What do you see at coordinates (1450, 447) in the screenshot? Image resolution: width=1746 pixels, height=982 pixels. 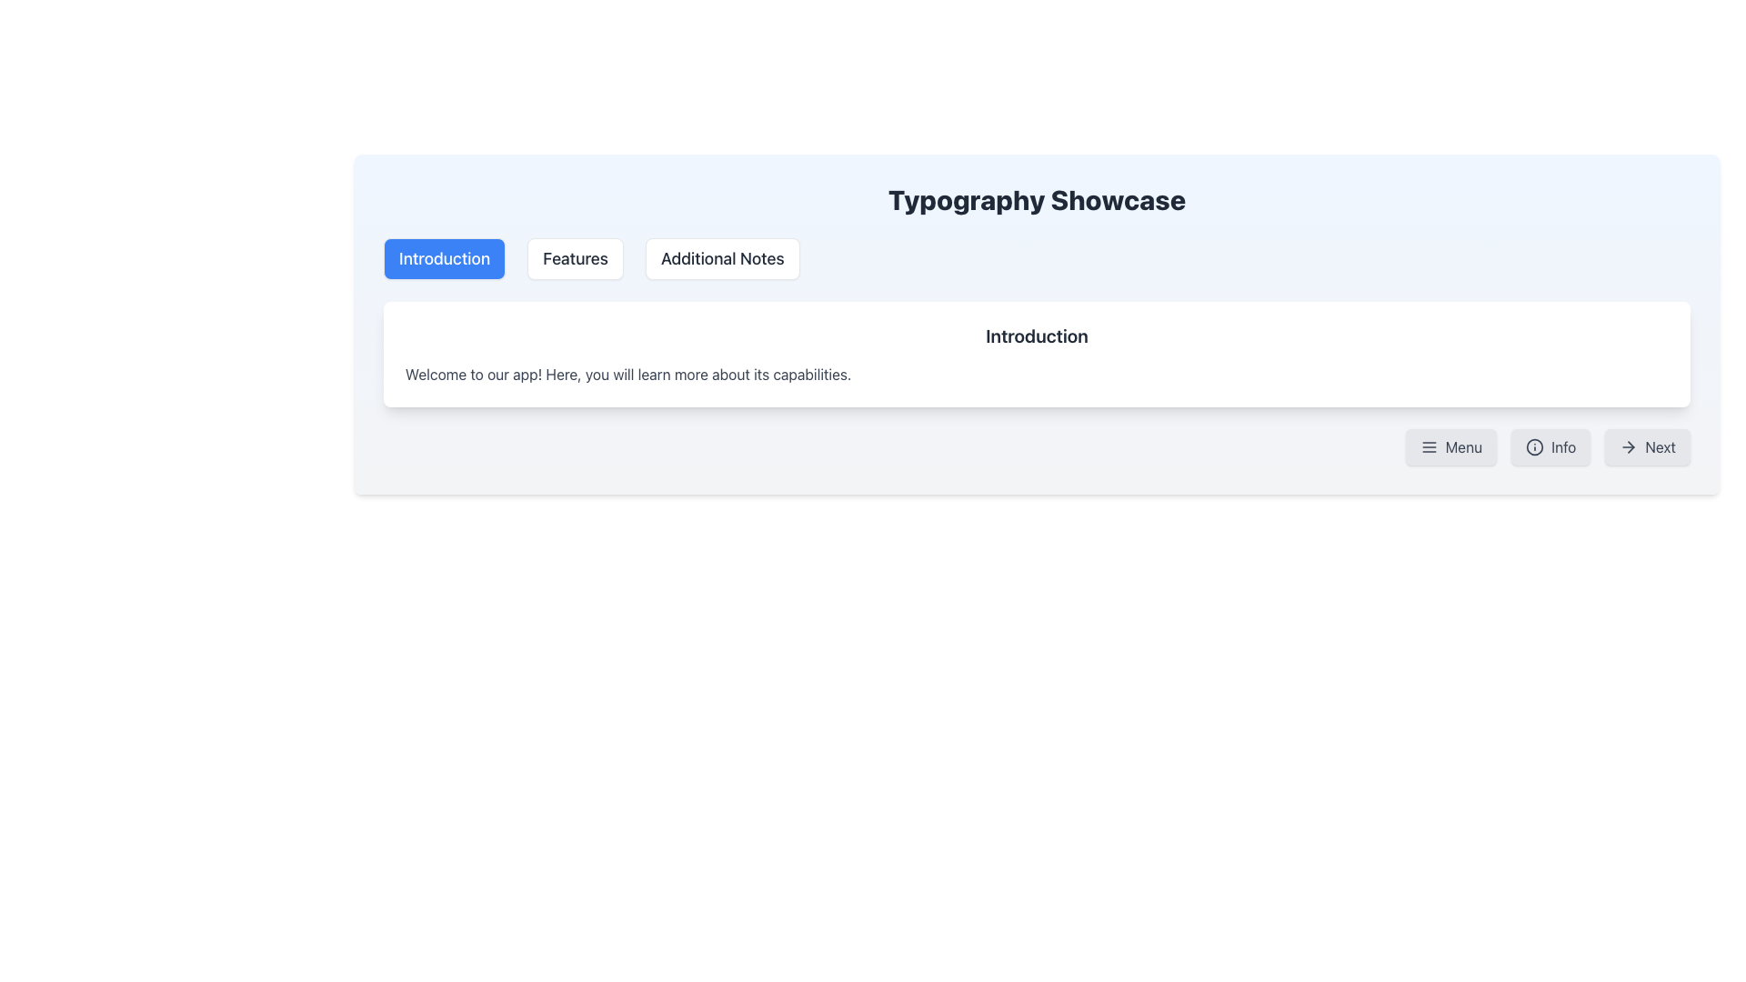 I see `the rectangular button with a rounded border and a hamburger menu icon labeled 'Menu'` at bounding box center [1450, 447].